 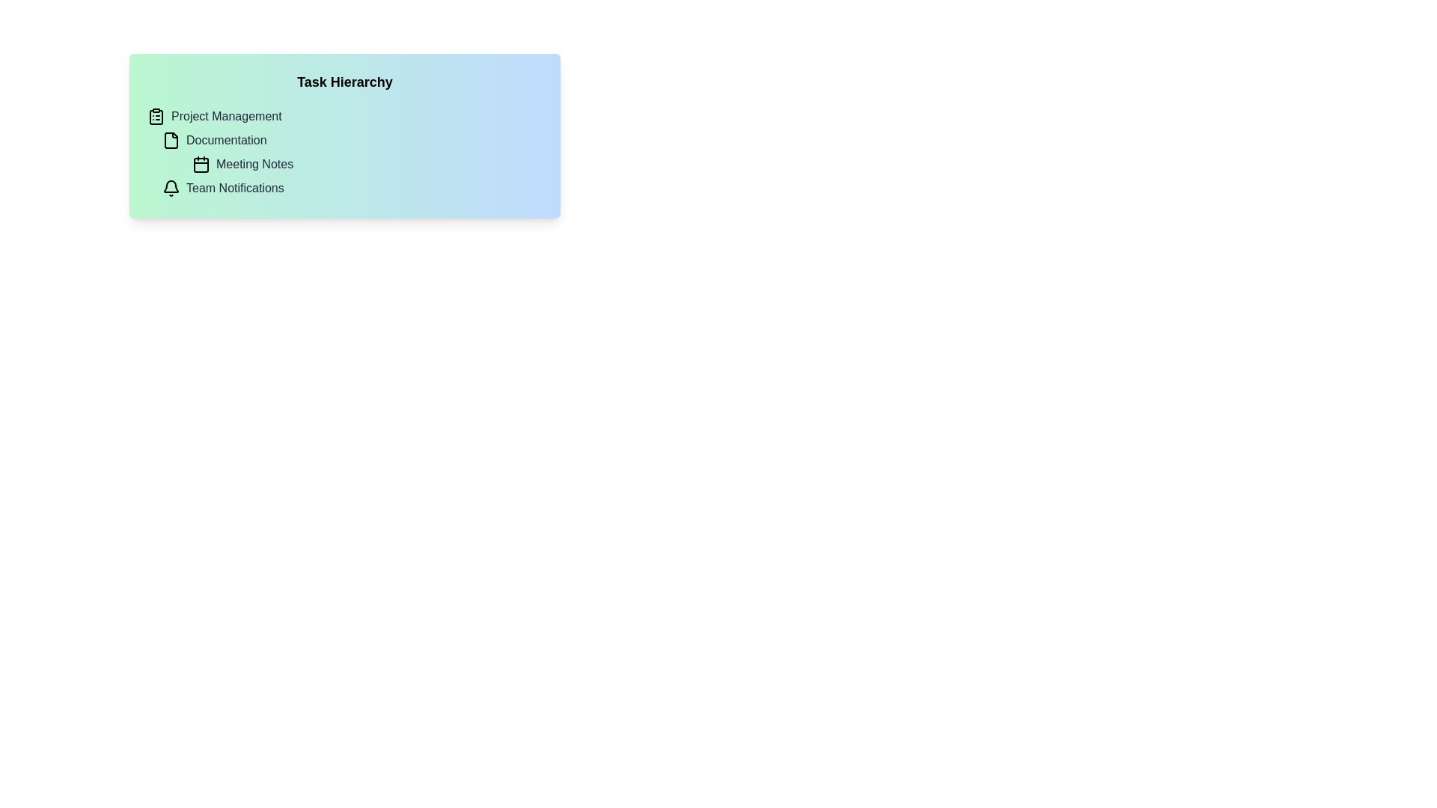 I want to click on the 'Project Management' text label located in the vertical menu, so click(x=225, y=115).